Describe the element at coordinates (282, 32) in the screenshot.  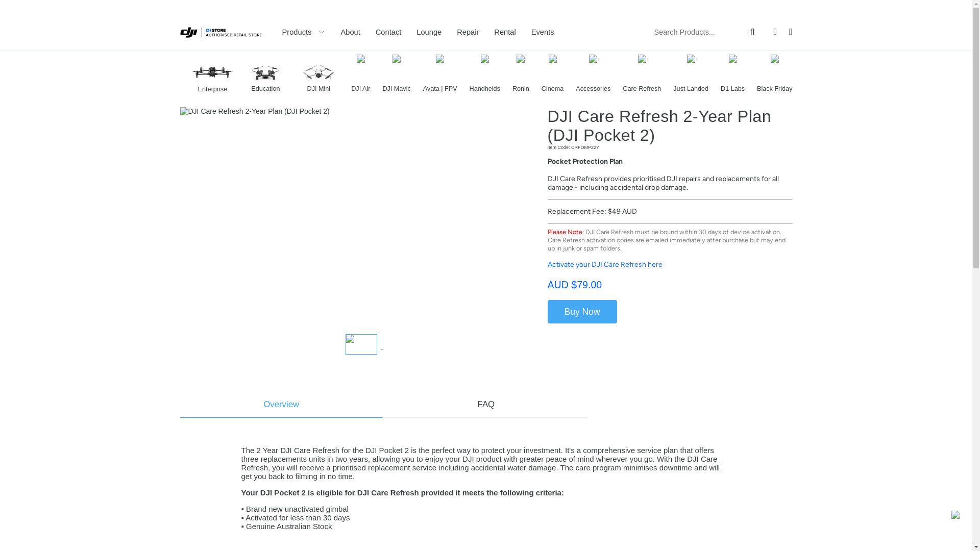
I see `'Products'` at that location.